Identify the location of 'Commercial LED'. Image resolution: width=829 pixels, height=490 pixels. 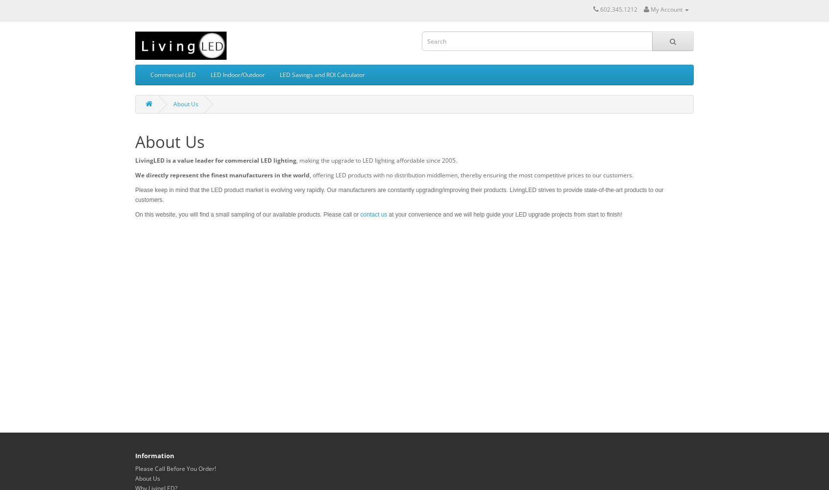
(172, 74).